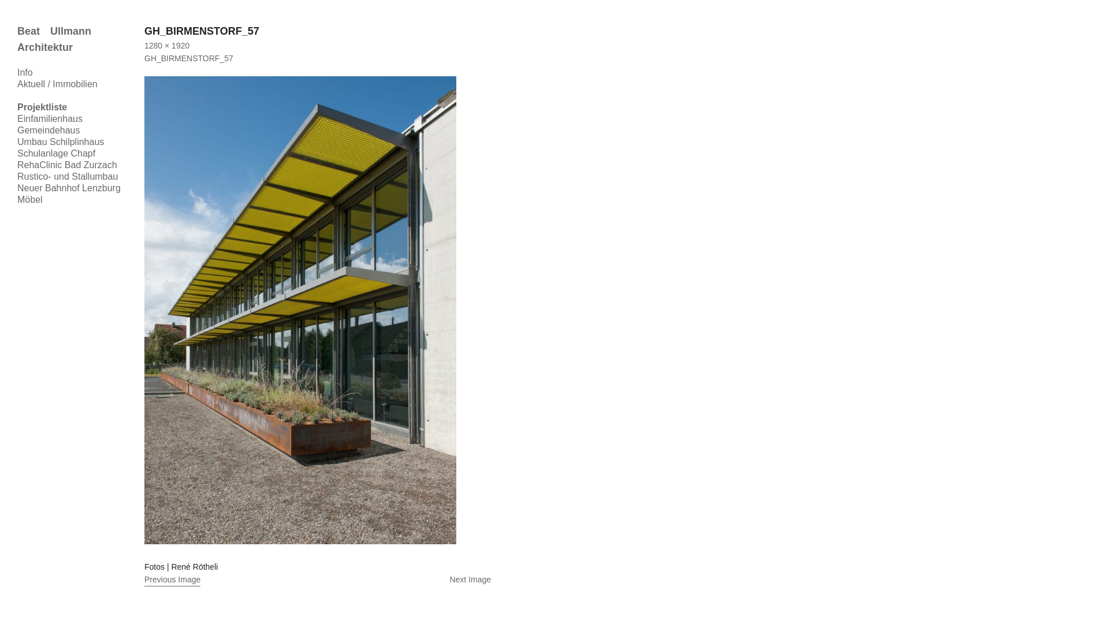  I want to click on 'Rustico- und Stallumbau', so click(66, 176).